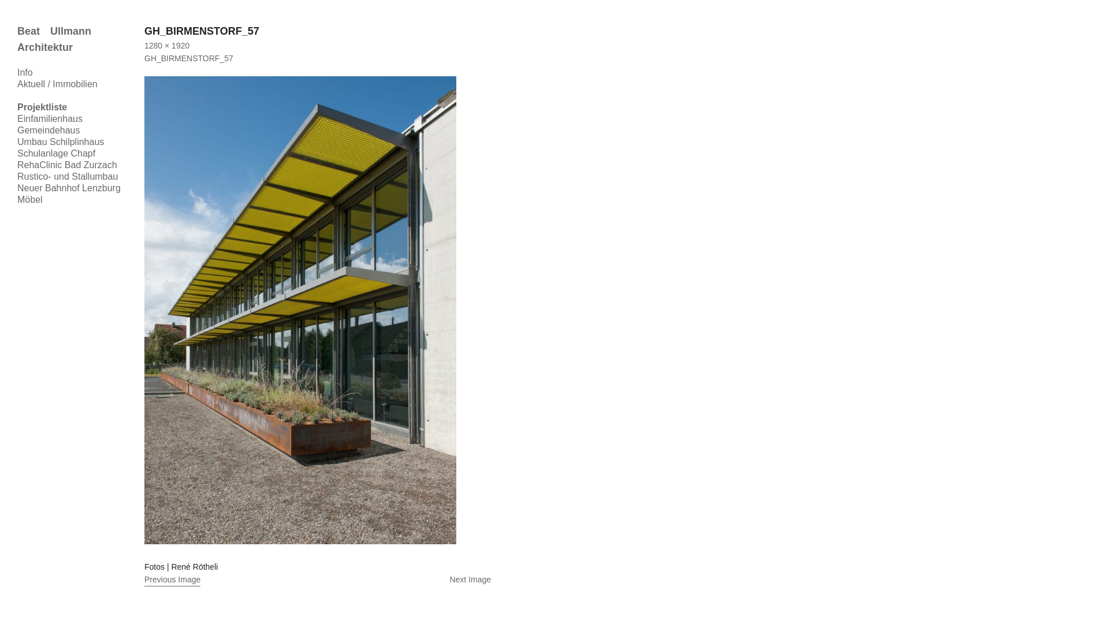  I want to click on 'Rustico- und Stallumbau', so click(66, 176).